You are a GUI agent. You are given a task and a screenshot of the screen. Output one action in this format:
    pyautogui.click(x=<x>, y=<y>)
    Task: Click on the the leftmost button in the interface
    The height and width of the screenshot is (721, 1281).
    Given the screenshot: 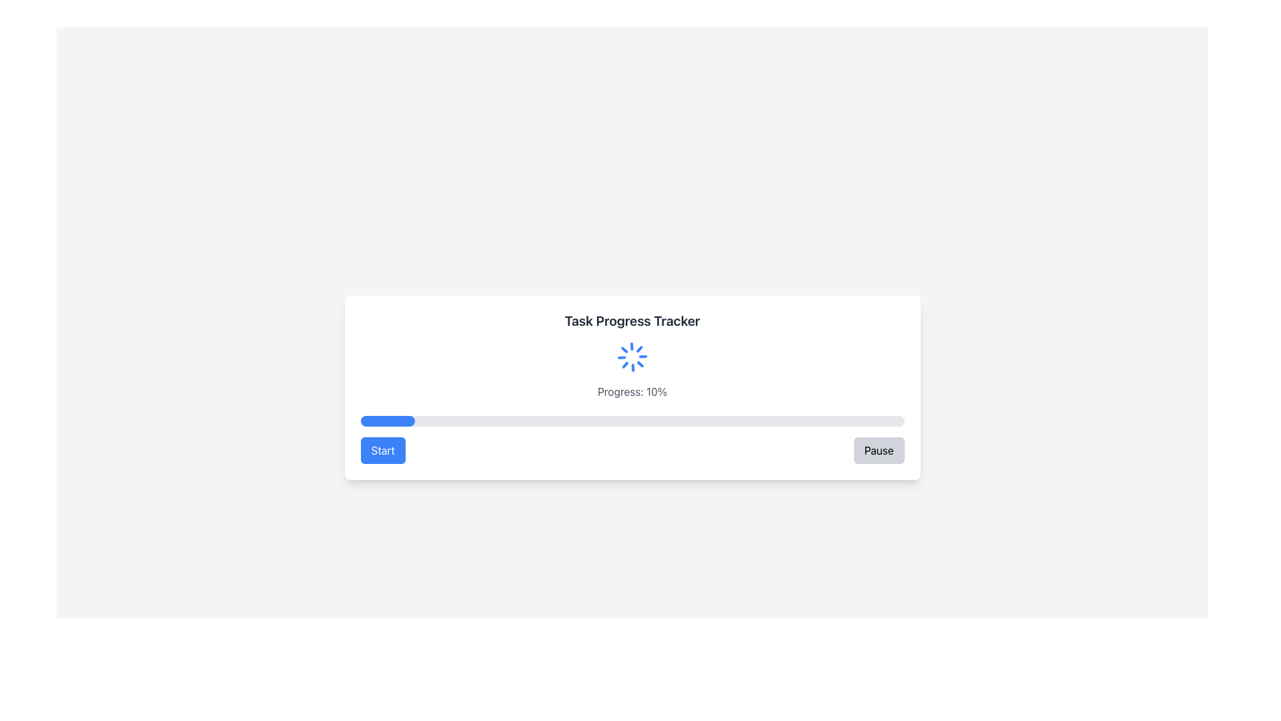 What is the action you would take?
    pyautogui.click(x=382, y=451)
    